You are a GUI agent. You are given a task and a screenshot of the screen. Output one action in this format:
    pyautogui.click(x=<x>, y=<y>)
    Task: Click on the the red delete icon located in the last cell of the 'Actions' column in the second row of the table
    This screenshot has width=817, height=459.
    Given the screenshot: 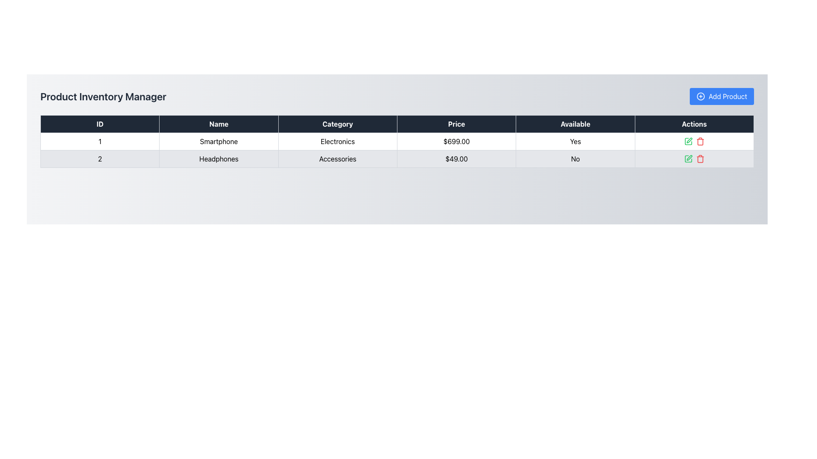 What is the action you would take?
    pyautogui.click(x=694, y=159)
    